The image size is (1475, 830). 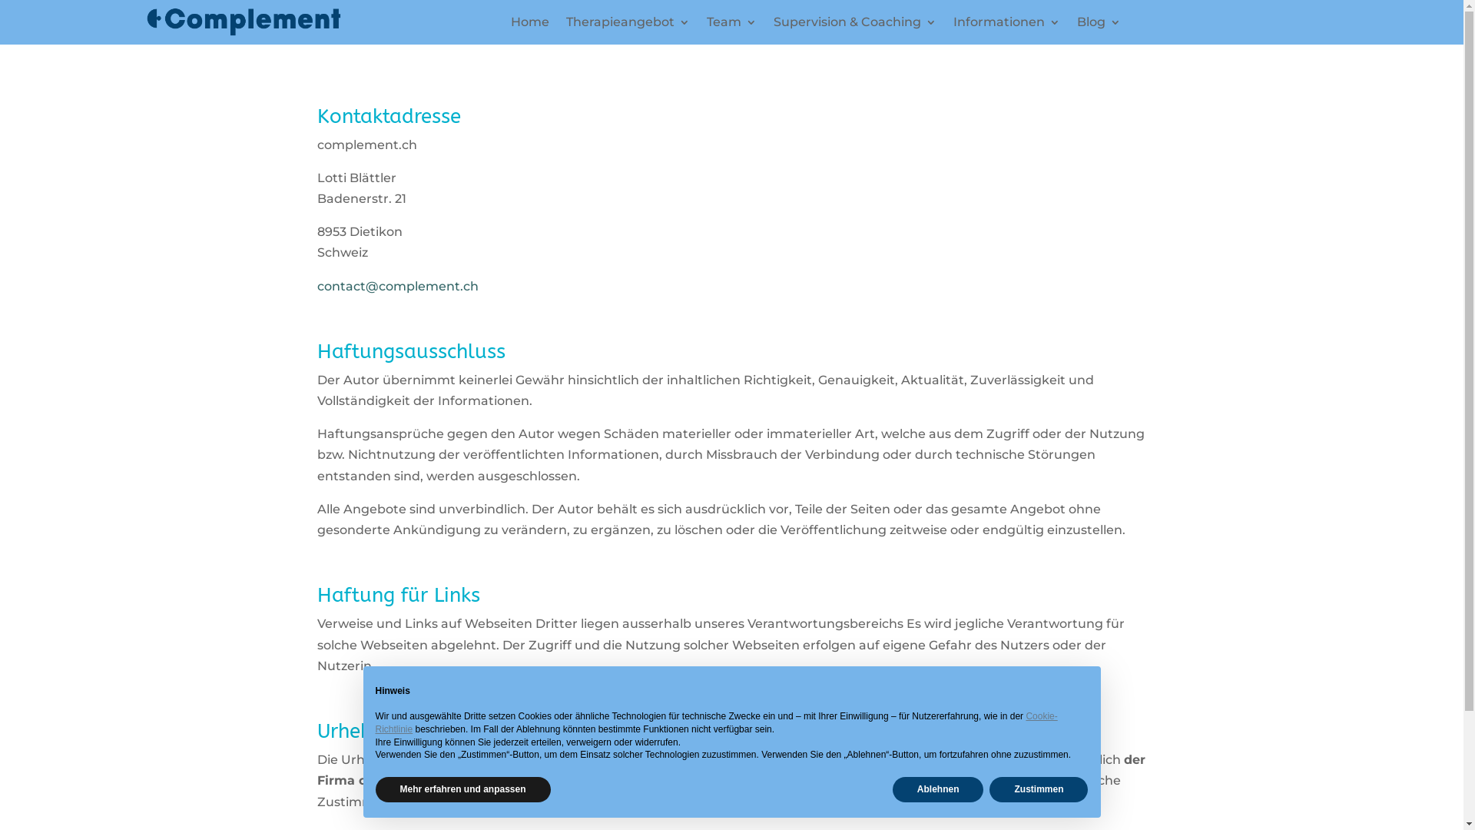 What do you see at coordinates (1006, 25) in the screenshot?
I see `'Informationen'` at bounding box center [1006, 25].